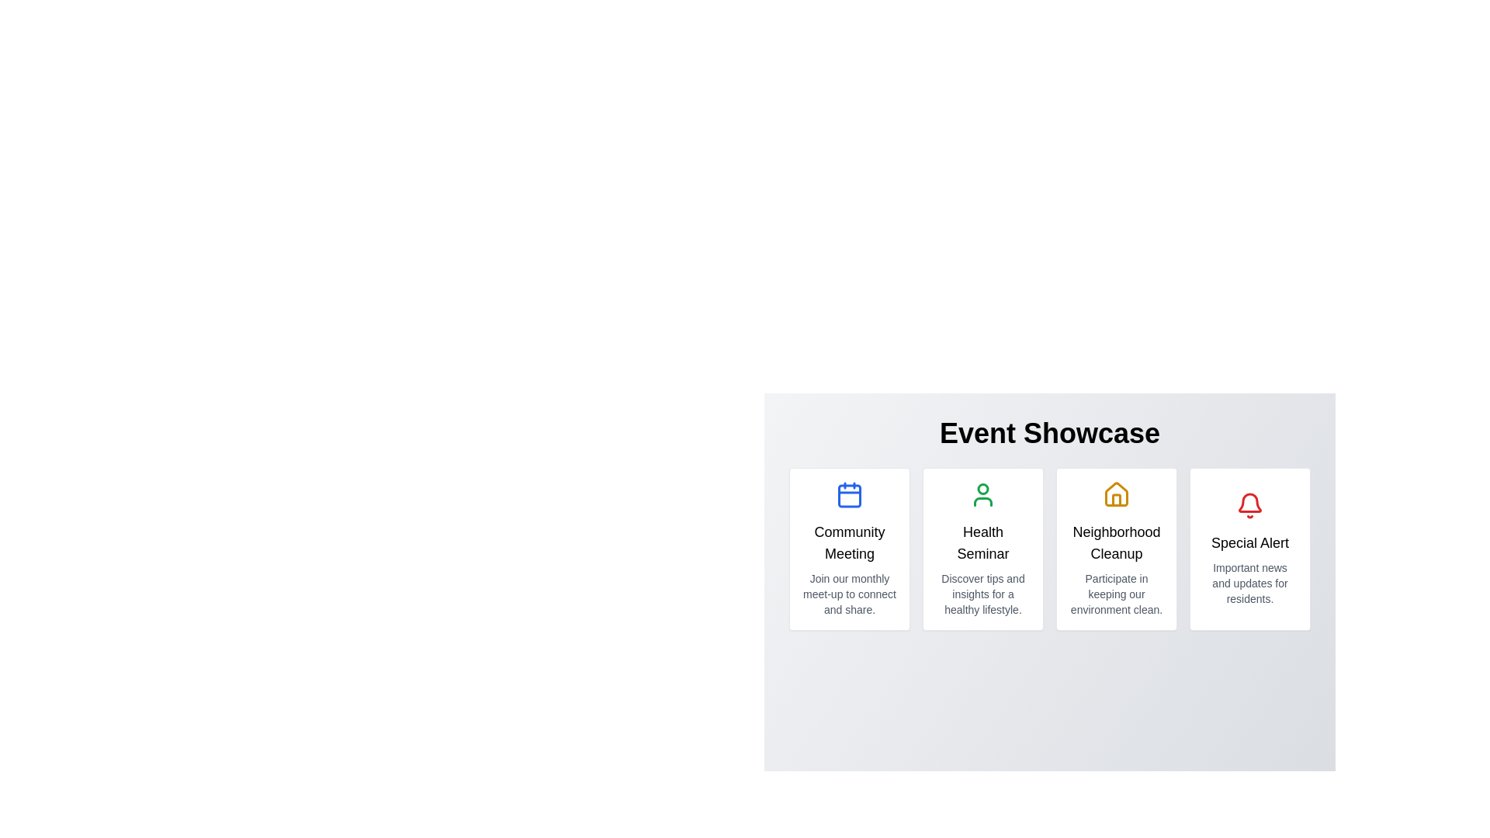  I want to click on text of the prominently displayed label that reads 'Event Showcase', which is styled with a large, bold font and is centered above the grid of event cards, so click(1050, 434).